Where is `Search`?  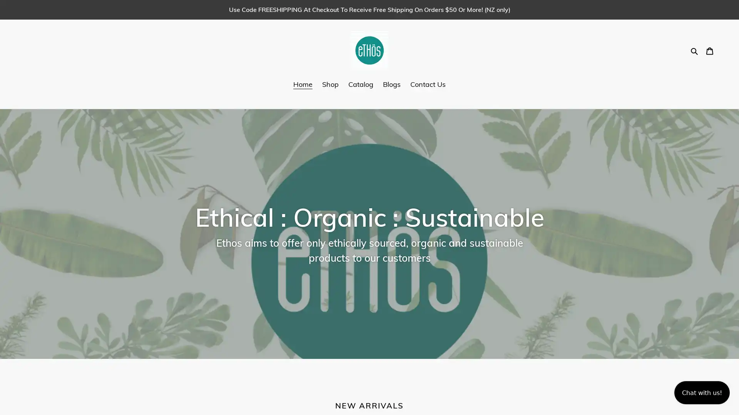 Search is located at coordinates (694, 50).